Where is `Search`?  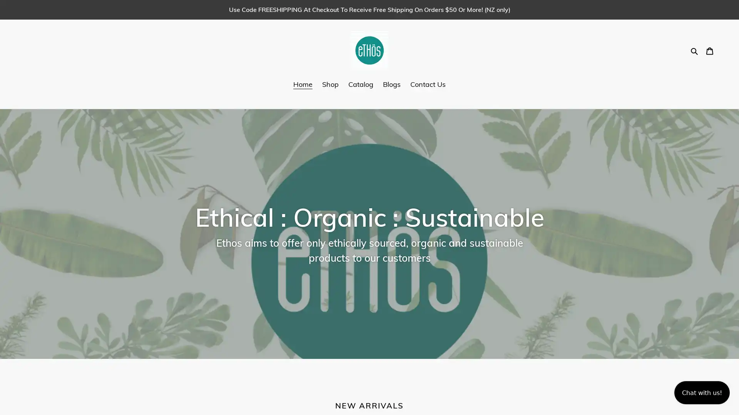 Search is located at coordinates (694, 50).